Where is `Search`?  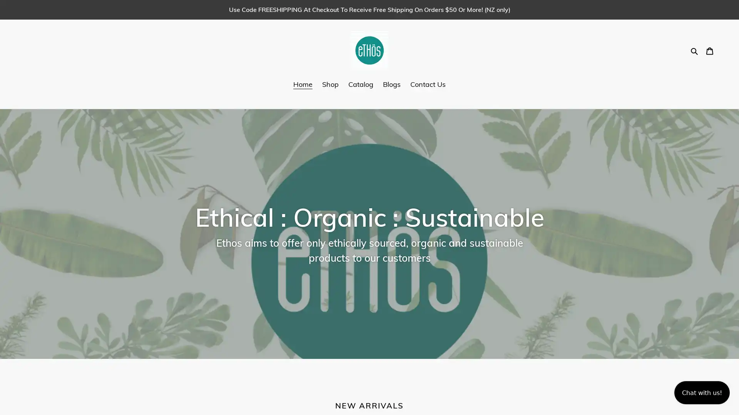 Search is located at coordinates (694, 50).